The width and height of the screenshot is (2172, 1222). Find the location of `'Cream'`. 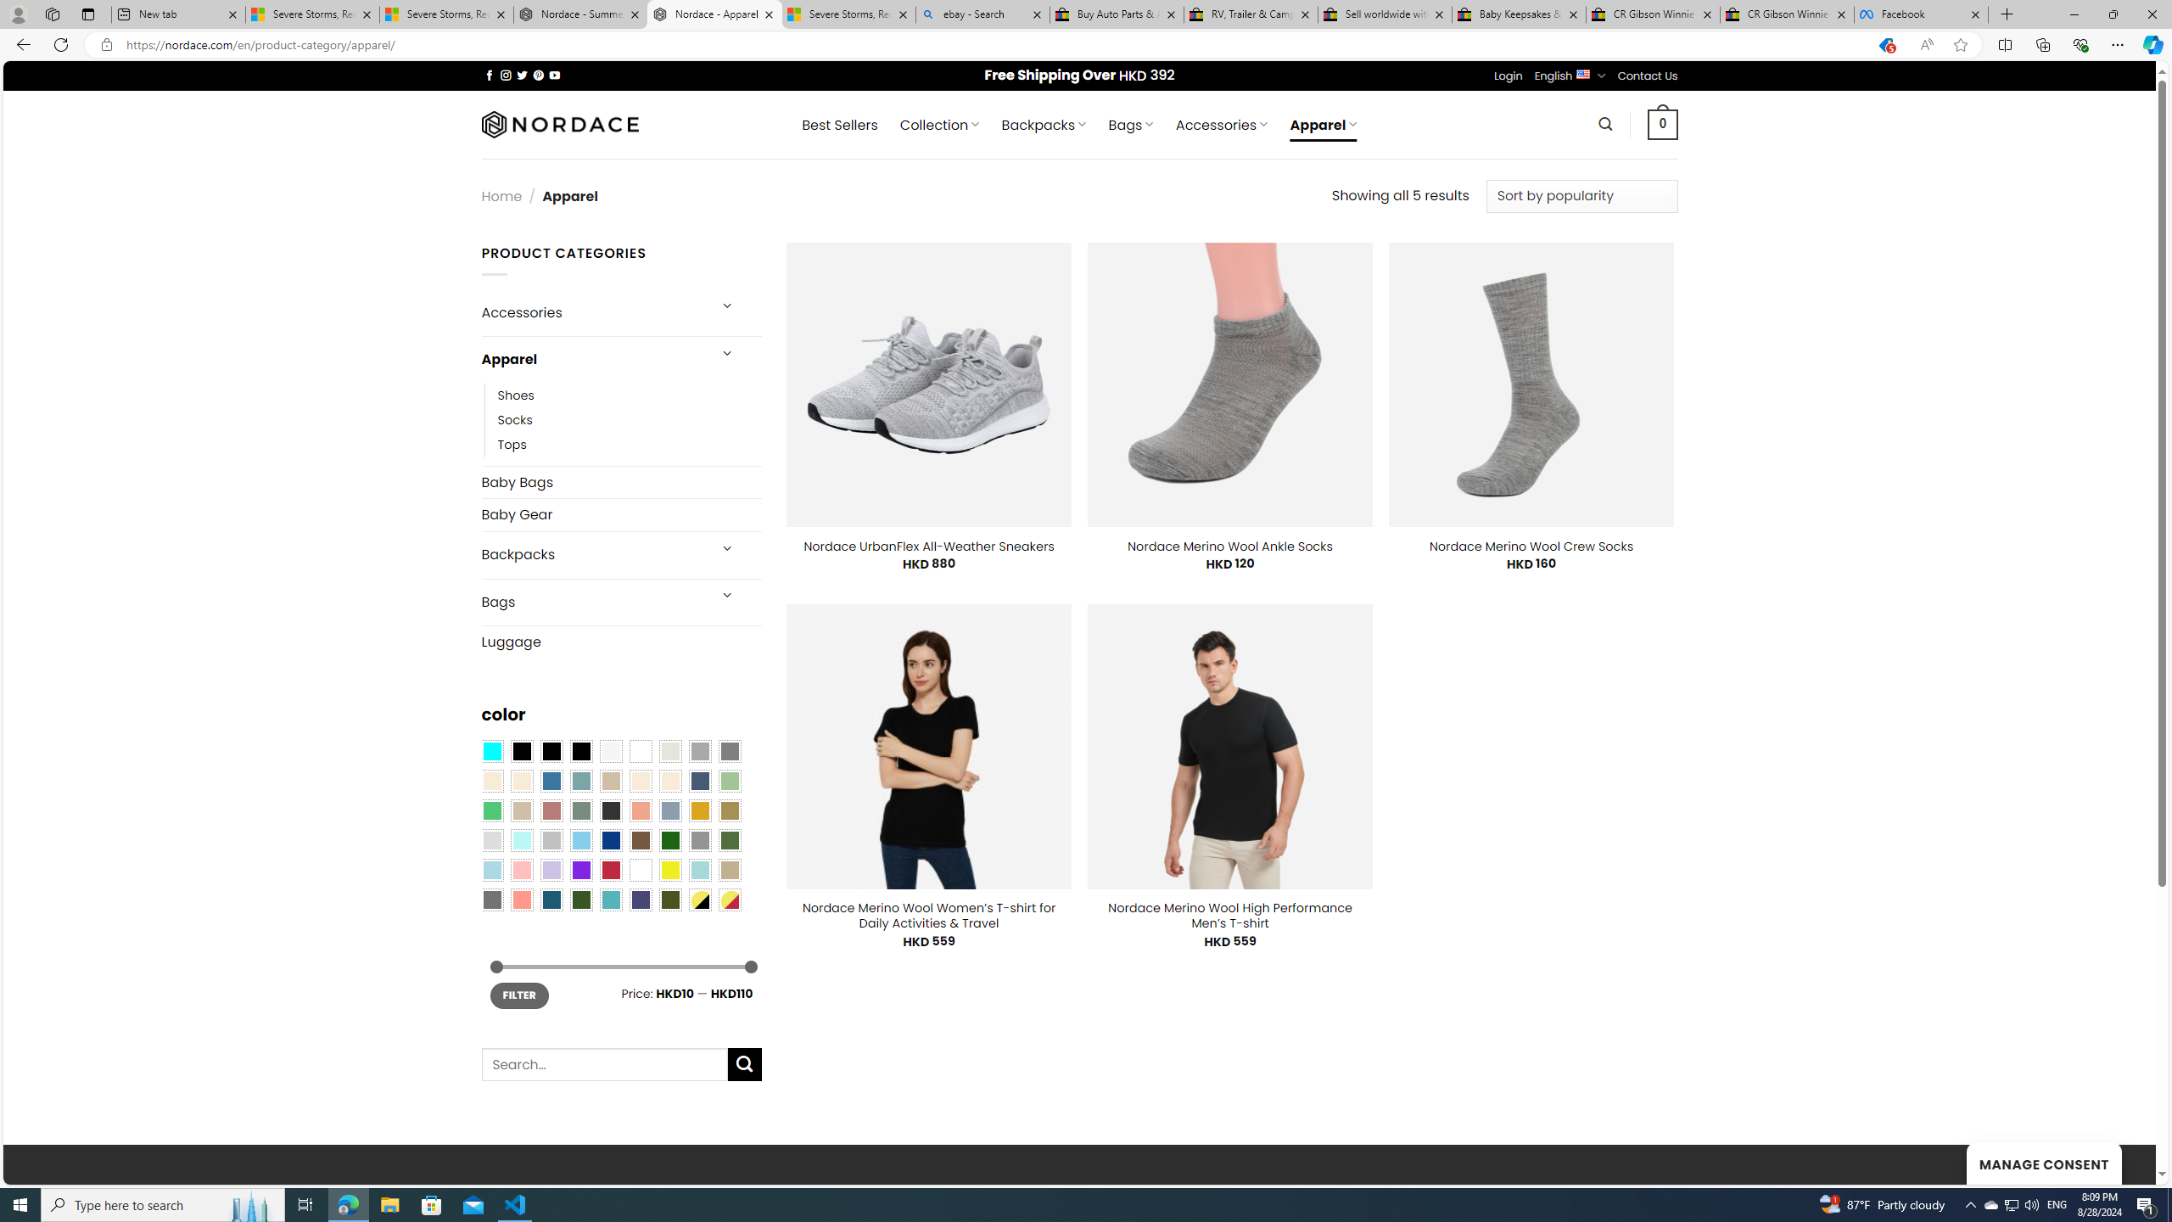

'Cream' is located at coordinates (670, 780).